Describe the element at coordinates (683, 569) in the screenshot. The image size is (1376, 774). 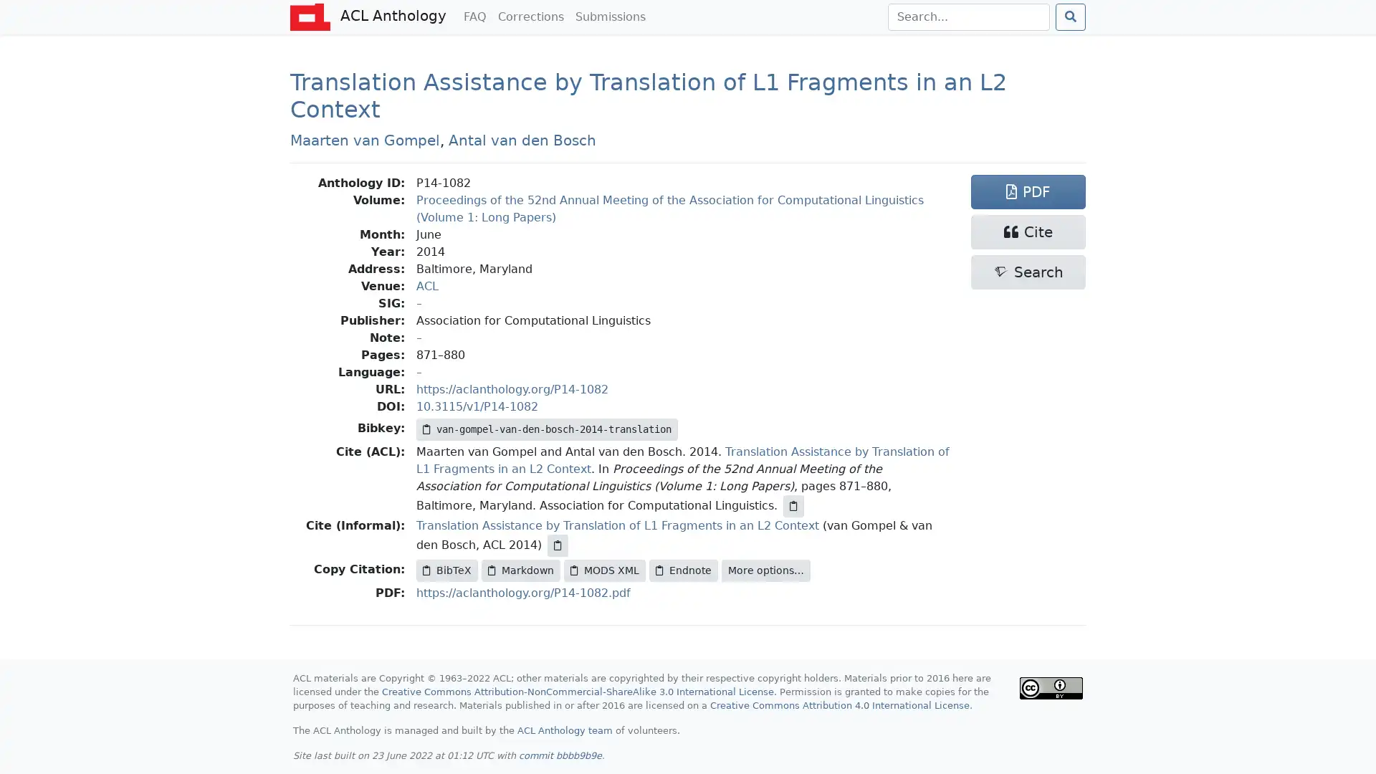
I see `Endnote` at that location.